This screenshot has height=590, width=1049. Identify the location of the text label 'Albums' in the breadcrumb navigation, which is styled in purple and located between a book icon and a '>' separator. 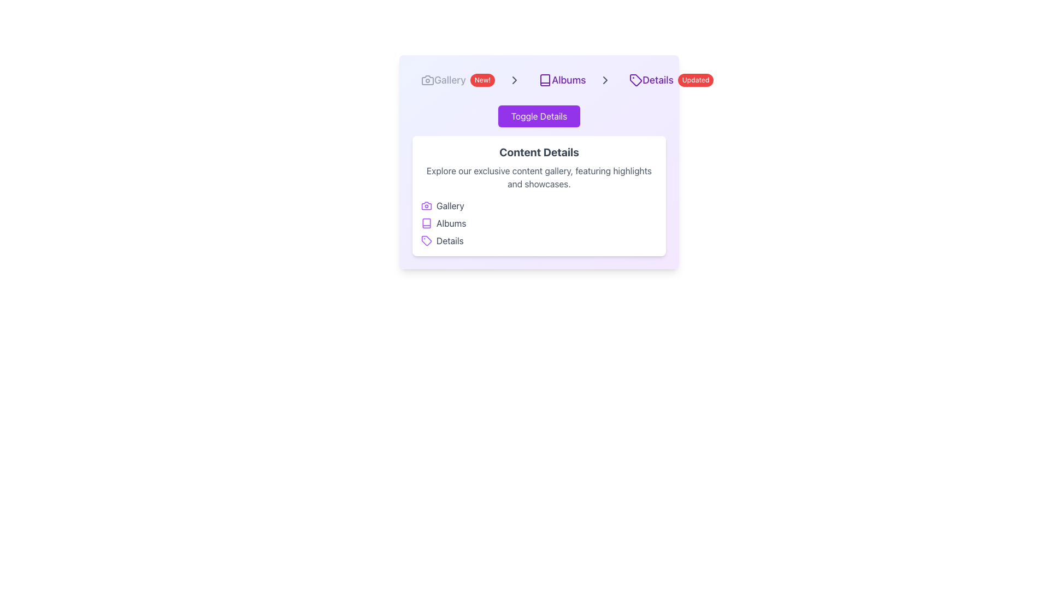
(568, 79).